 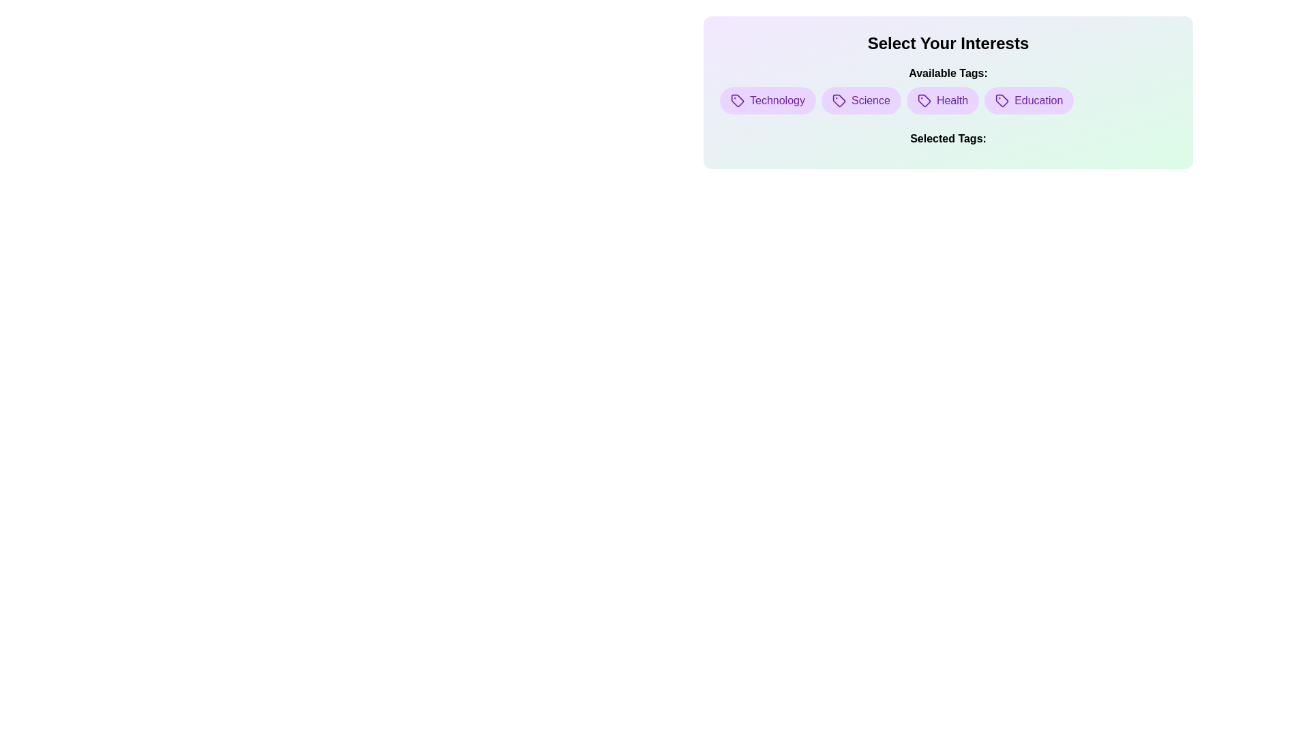 I want to click on the purple pill-shaped 'Health' tag, so click(x=948, y=99).